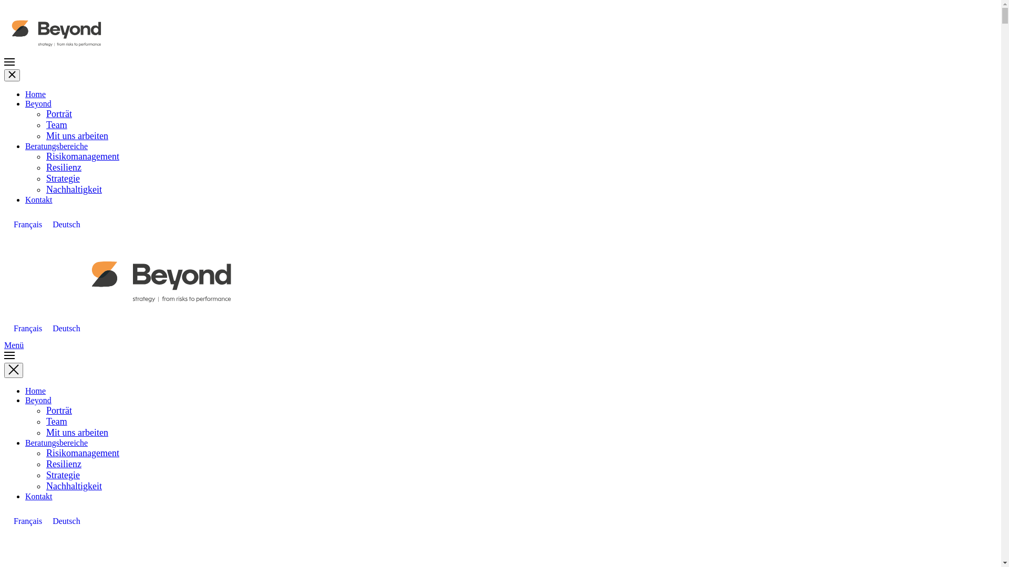 The image size is (1009, 567). I want to click on 'Mit uns arbeiten', so click(77, 433).